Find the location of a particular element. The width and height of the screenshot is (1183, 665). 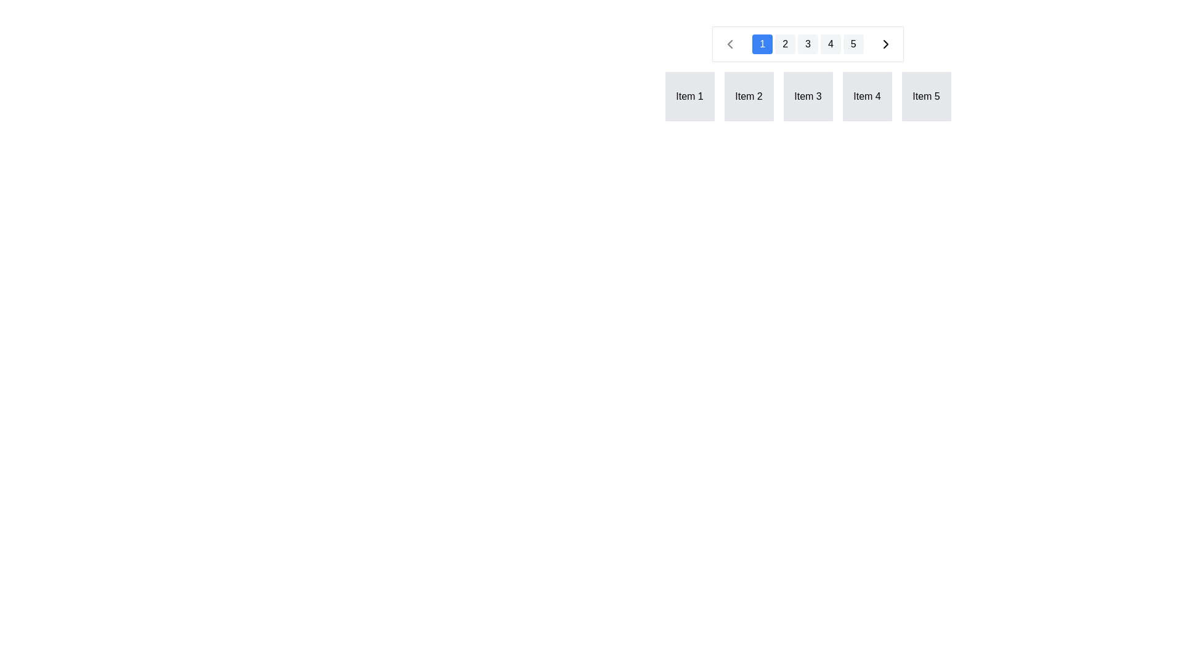

the Text label displaying 'Item 5' located at the top-right corner of the interface is located at coordinates (926, 96).